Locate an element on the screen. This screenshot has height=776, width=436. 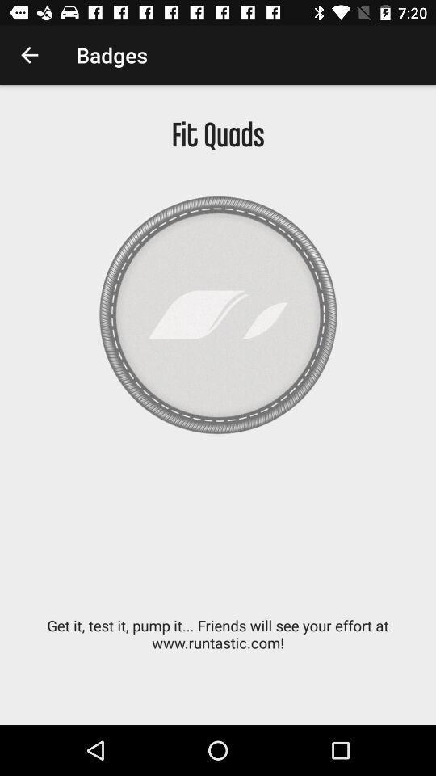
the app next to the badges item is located at coordinates (29, 55).